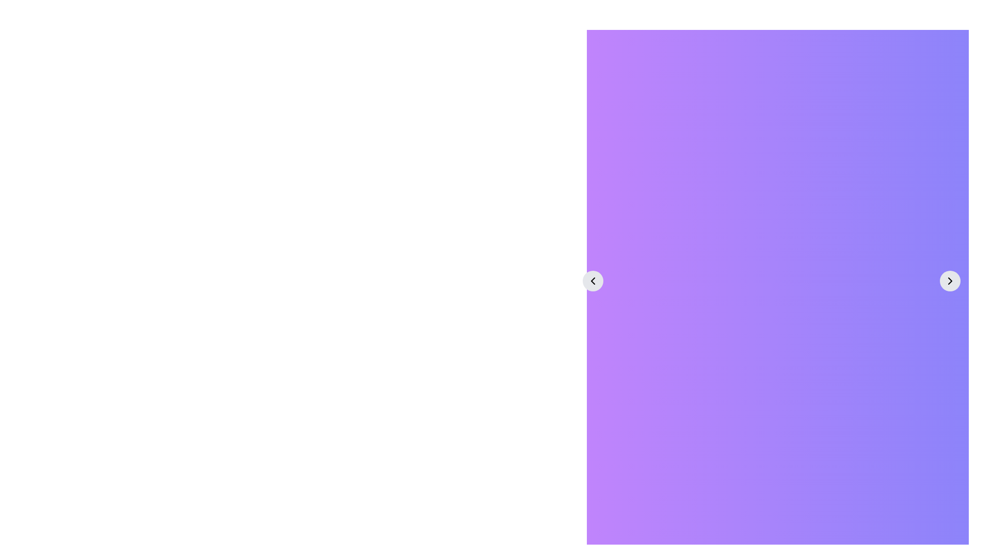  Describe the element at coordinates (593, 281) in the screenshot. I see `the left-chevron icon used for navigation` at that location.